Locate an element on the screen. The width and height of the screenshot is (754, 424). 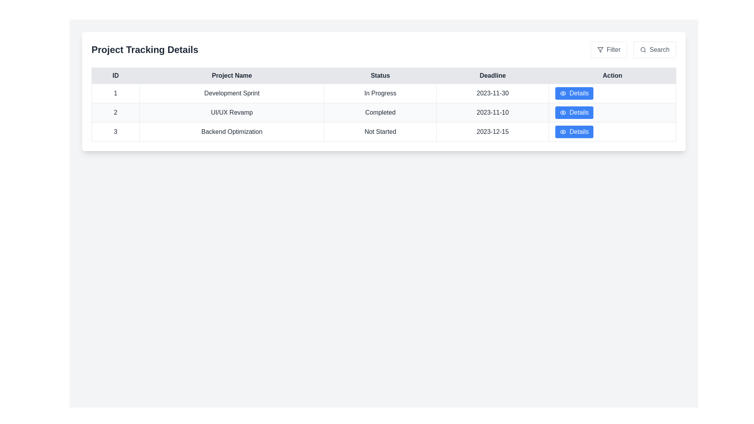
the button located in the 'Action' column of the first row in the project tracking interface is located at coordinates (574, 93).